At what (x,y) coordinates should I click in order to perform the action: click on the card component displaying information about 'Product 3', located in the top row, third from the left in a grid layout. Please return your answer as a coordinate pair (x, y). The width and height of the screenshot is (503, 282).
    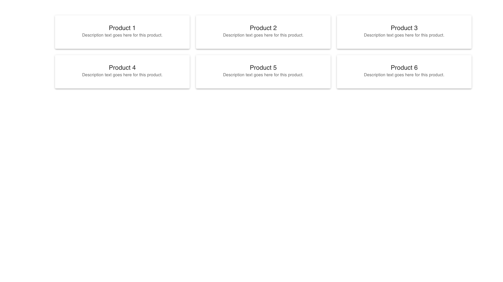
    Looking at the image, I should click on (404, 32).